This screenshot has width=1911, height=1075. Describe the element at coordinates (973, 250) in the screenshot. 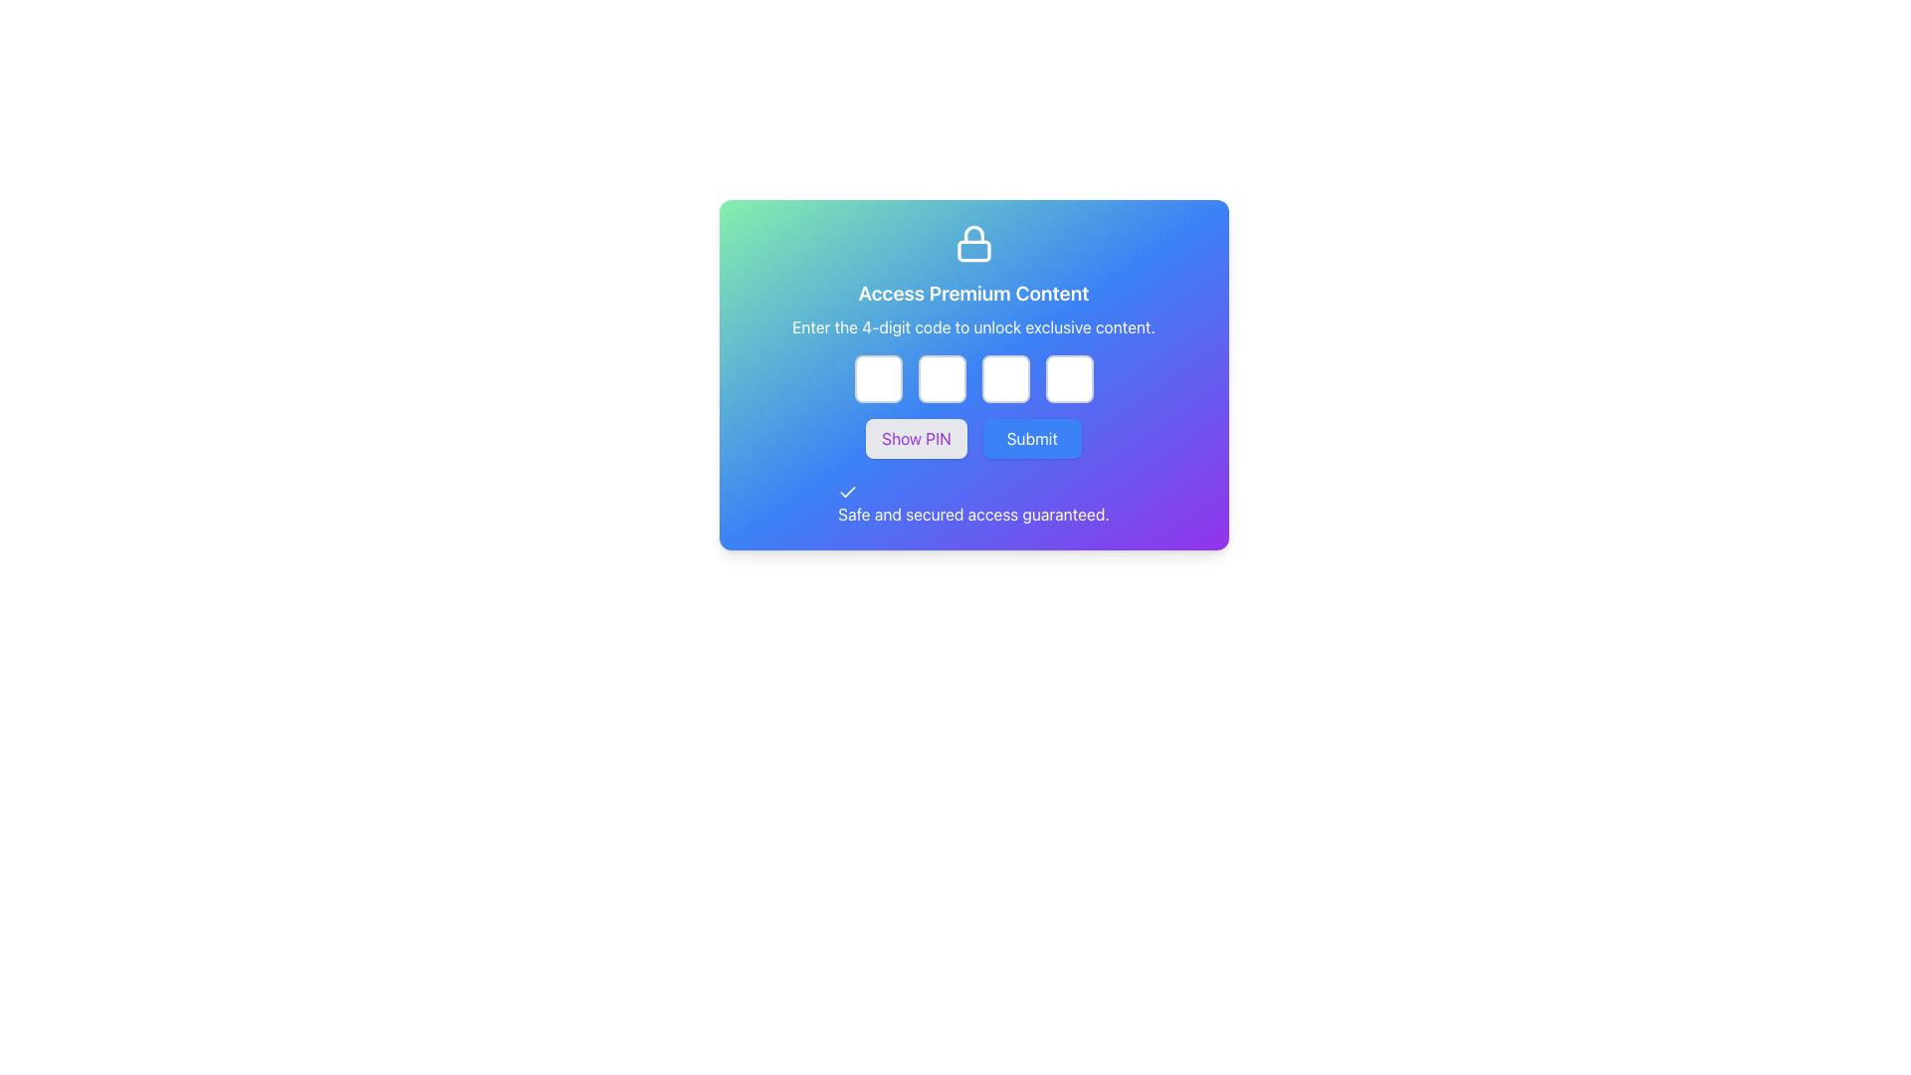

I see `the main body of the lock symbol in the SVG icon located at the top of the interface` at that location.